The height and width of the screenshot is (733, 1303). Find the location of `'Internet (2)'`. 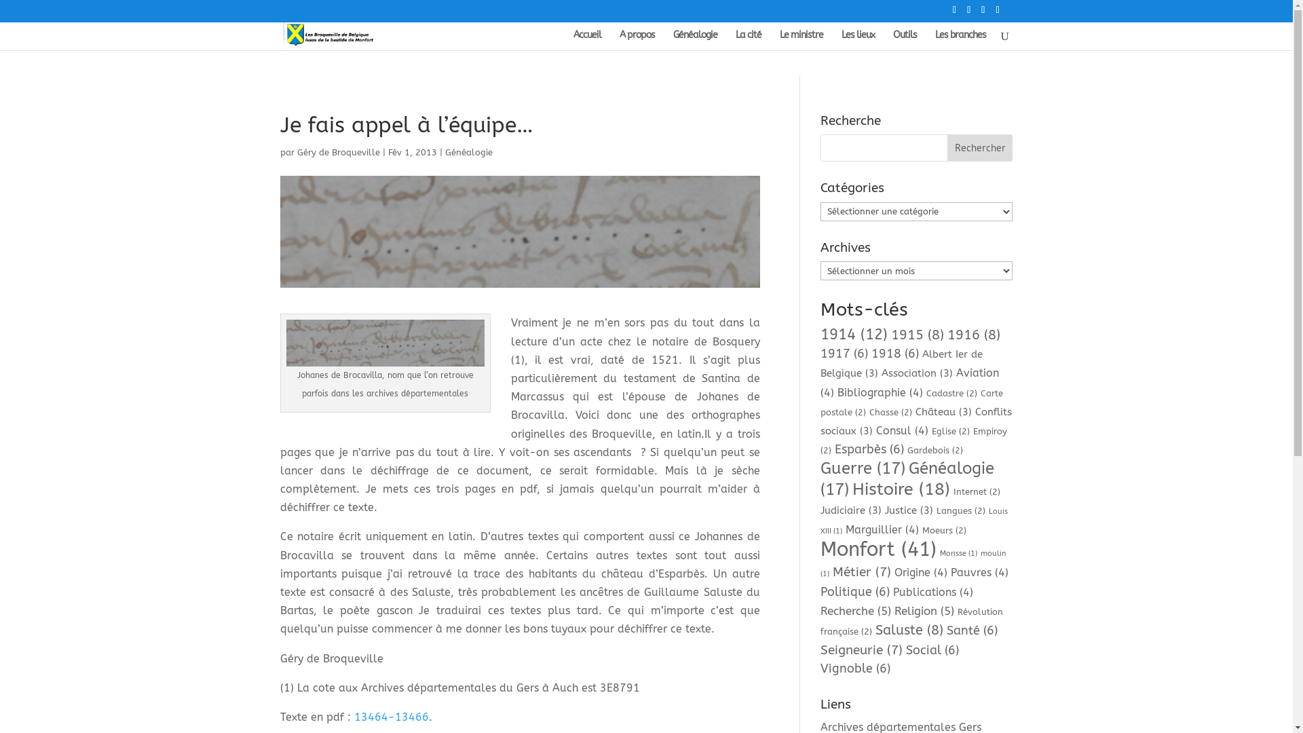

'Internet (2)' is located at coordinates (953, 491).